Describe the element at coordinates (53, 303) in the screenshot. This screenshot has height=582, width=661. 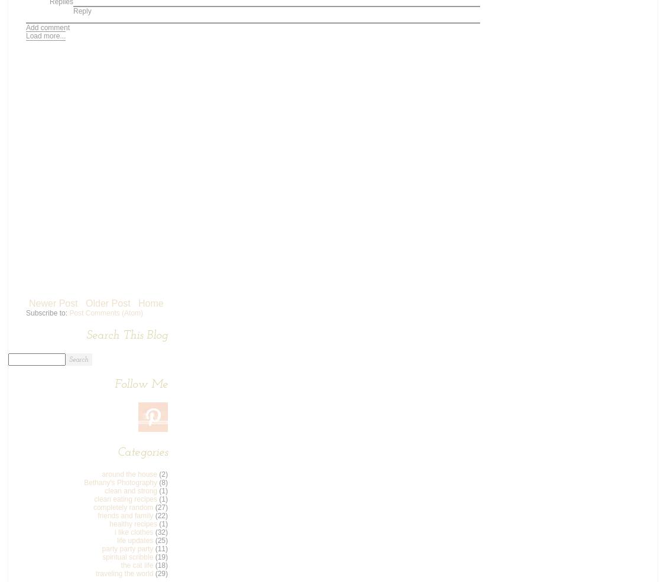
I see `'Newer Post'` at that location.